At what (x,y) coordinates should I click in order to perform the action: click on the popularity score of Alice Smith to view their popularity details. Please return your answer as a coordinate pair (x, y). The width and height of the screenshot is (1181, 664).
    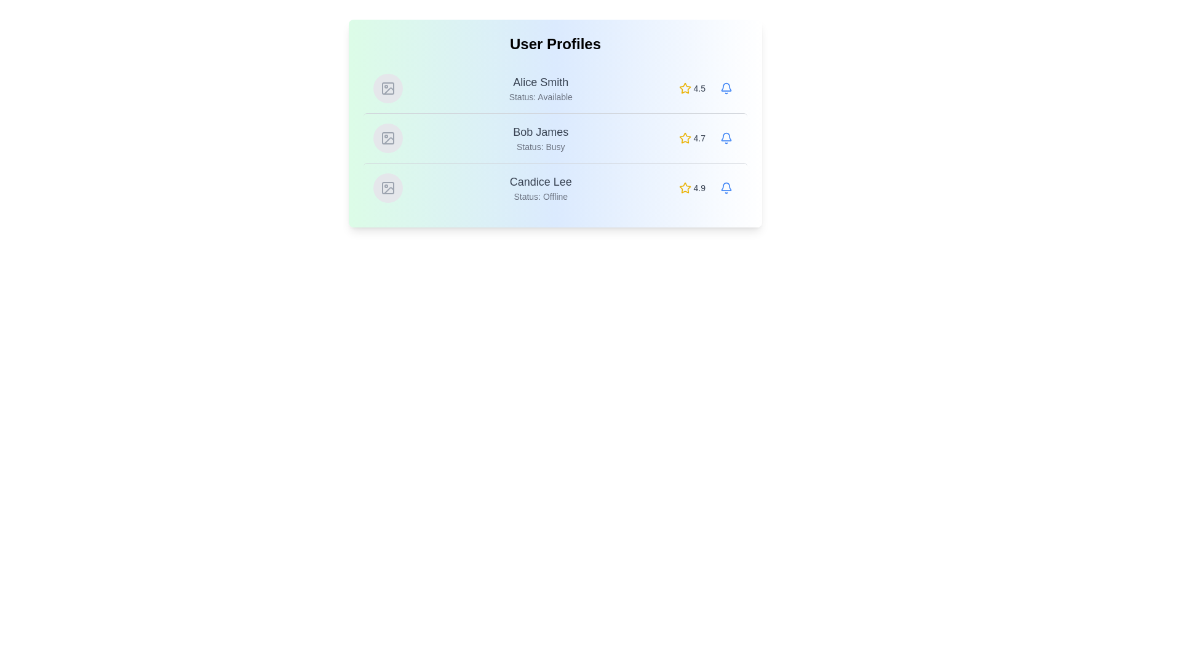
    Looking at the image, I should click on (691, 87).